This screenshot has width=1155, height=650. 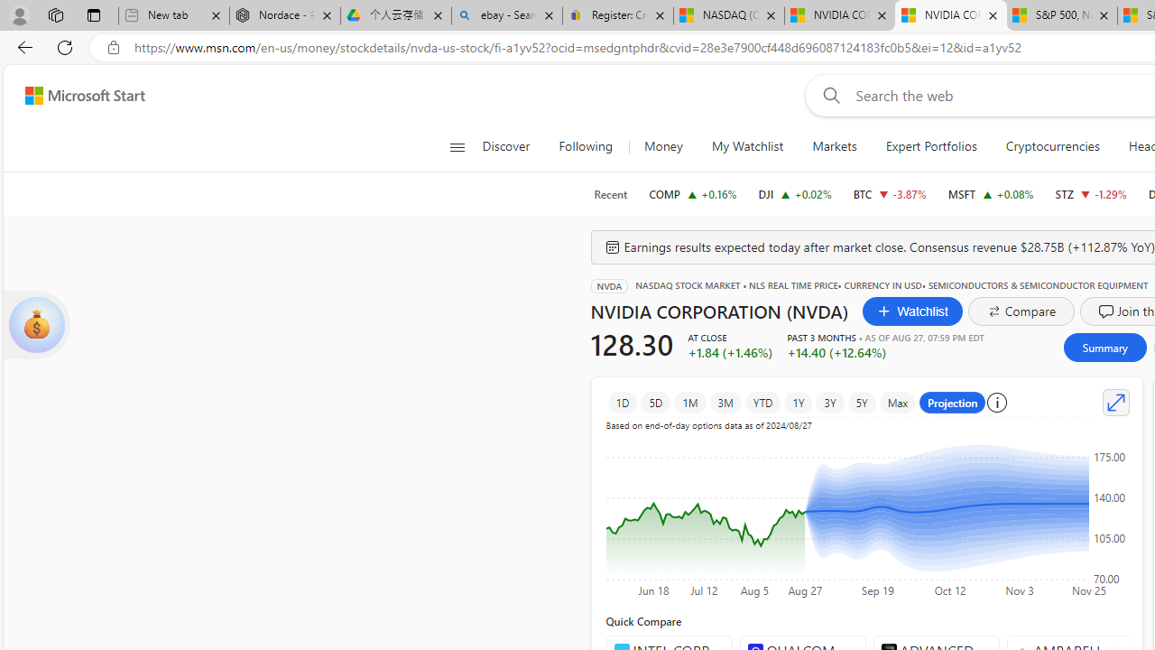 I want to click on 'Recent', so click(x=611, y=194).